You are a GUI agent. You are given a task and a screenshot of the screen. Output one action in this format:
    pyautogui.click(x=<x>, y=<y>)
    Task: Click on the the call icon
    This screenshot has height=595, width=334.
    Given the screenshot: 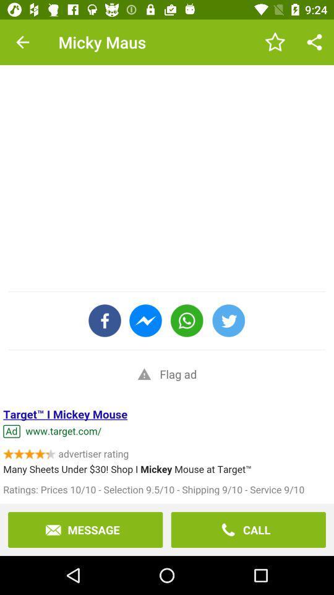 What is the action you would take?
    pyautogui.click(x=186, y=320)
    